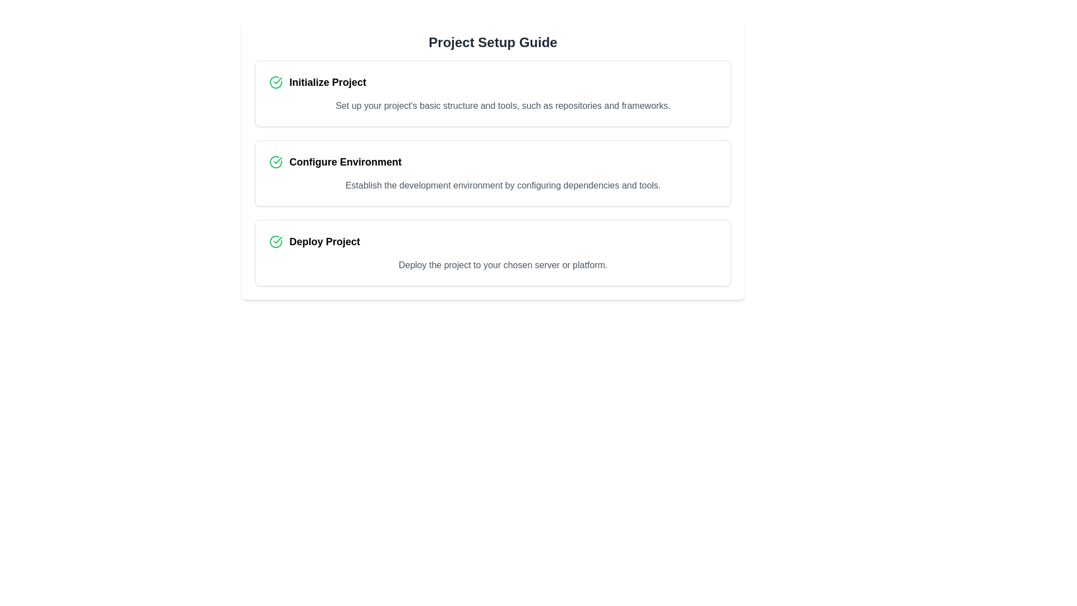 This screenshot has width=1077, height=606. Describe the element at coordinates (493, 173) in the screenshot. I see `the 'Configure Environment' section of the Informational Display, which is the second section in the Project Setup Guide` at that location.